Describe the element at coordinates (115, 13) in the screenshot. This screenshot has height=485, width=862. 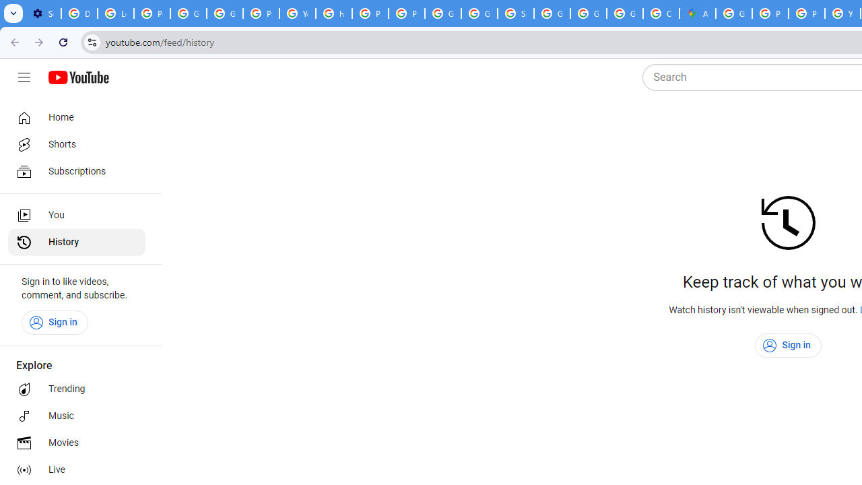
I see `'Learn how to find your photos - Google Photos Help'` at that location.